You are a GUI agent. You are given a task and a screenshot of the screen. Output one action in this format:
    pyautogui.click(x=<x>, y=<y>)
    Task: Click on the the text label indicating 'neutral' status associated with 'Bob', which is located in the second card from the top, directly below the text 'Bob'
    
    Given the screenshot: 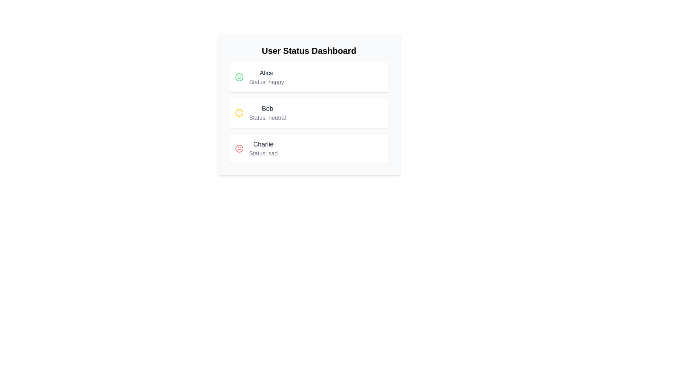 What is the action you would take?
    pyautogui.click(x=267, y=118)
    